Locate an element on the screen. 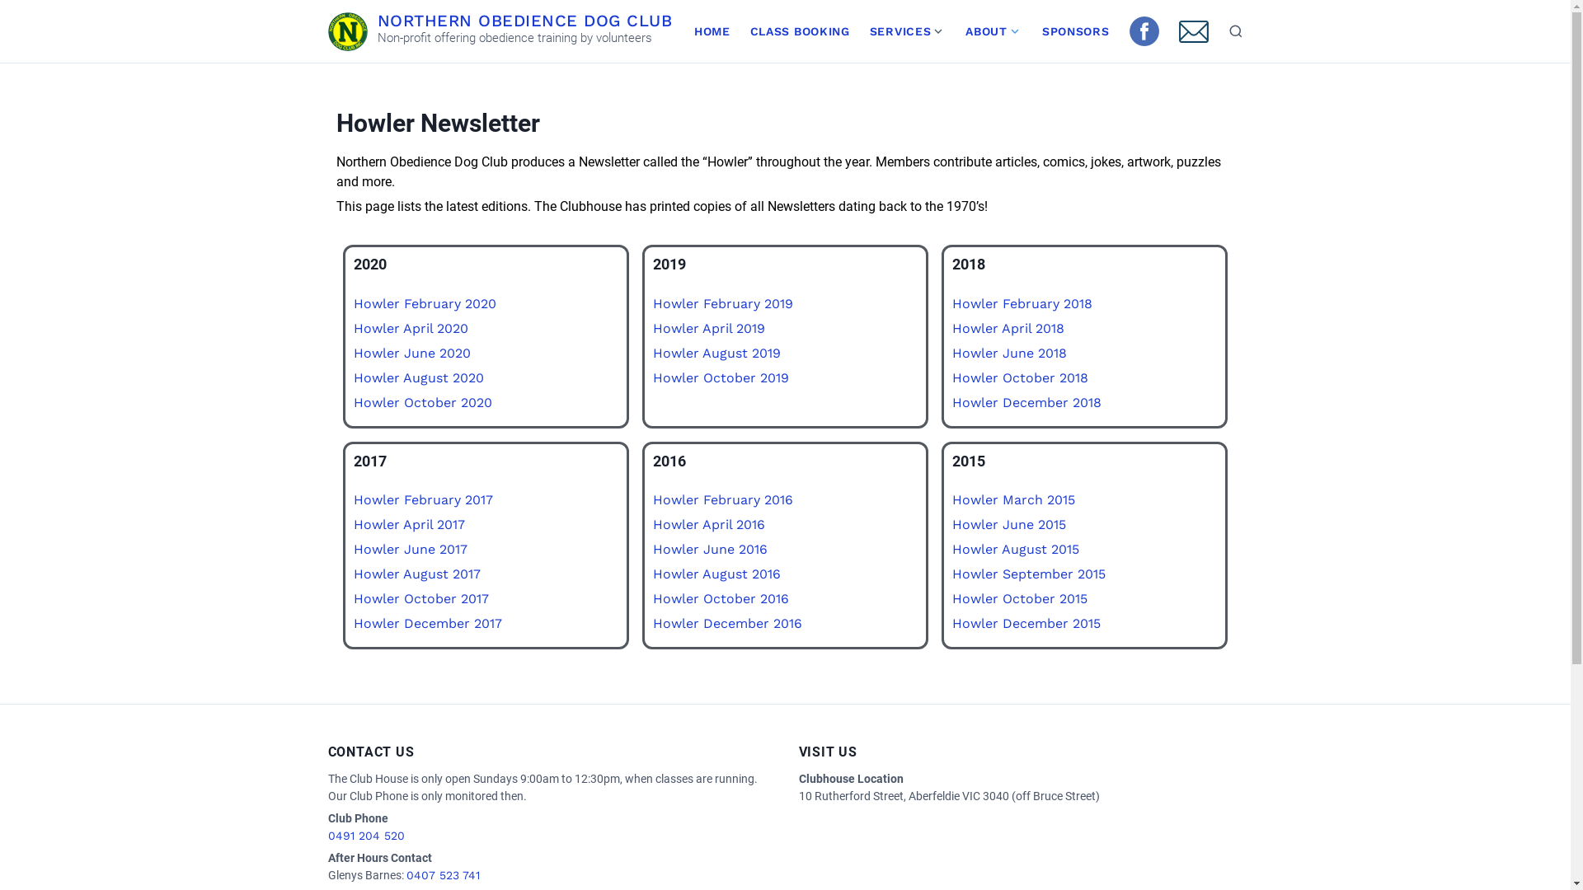  '0407 523 741' is located at coordinates (442, 874).